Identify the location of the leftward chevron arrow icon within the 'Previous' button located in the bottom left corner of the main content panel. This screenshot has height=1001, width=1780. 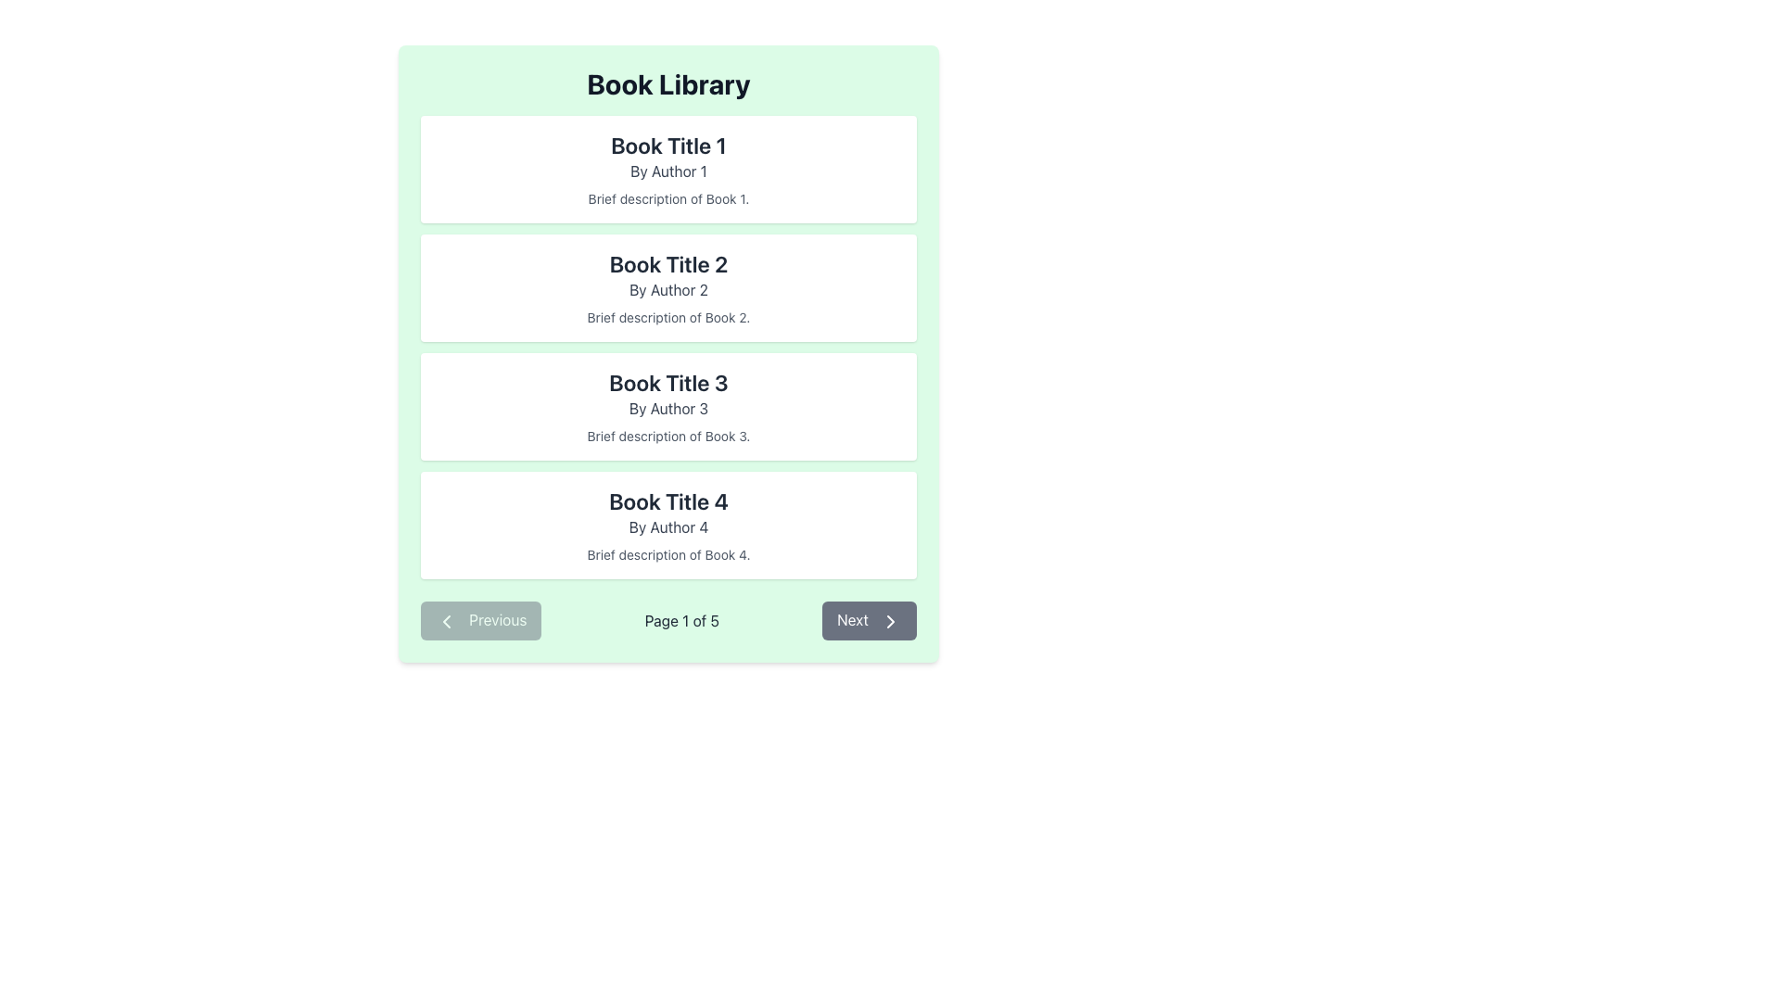
(446, 621).